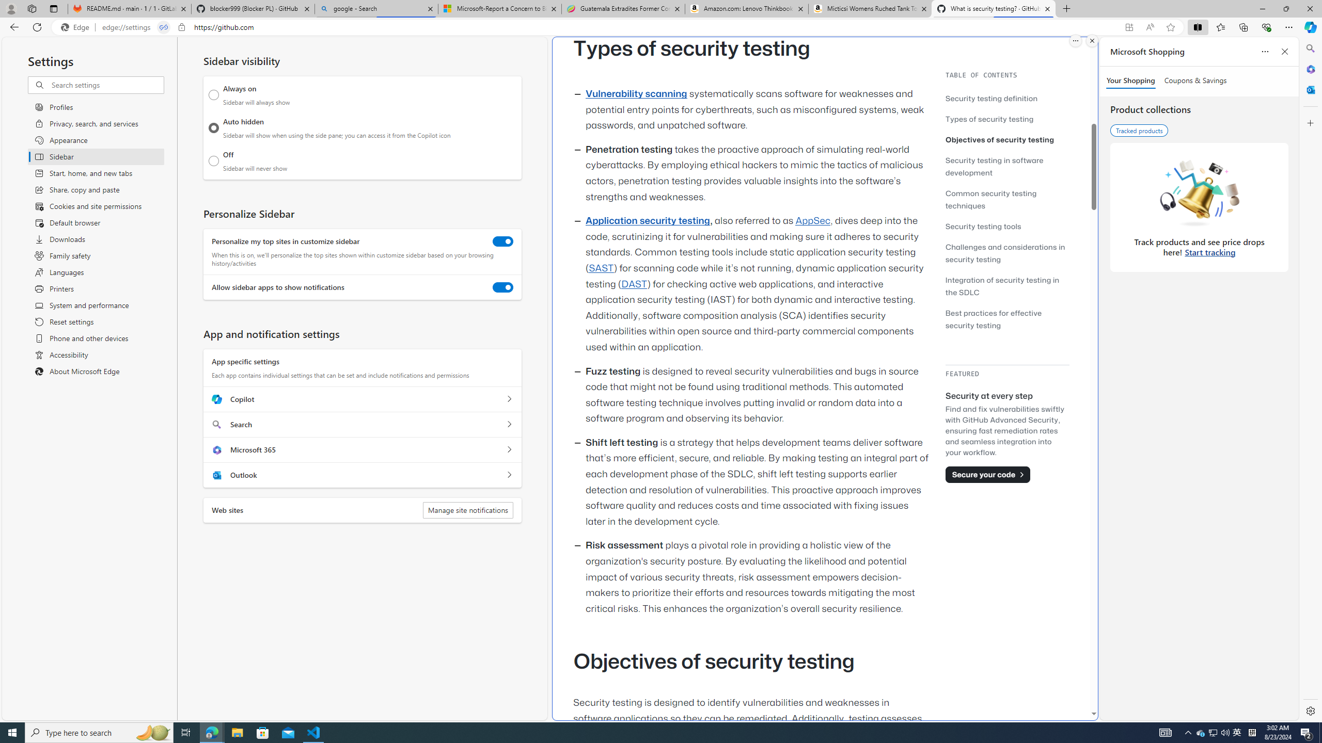  I want to click on 'Security testing definition', so click(991, 98).